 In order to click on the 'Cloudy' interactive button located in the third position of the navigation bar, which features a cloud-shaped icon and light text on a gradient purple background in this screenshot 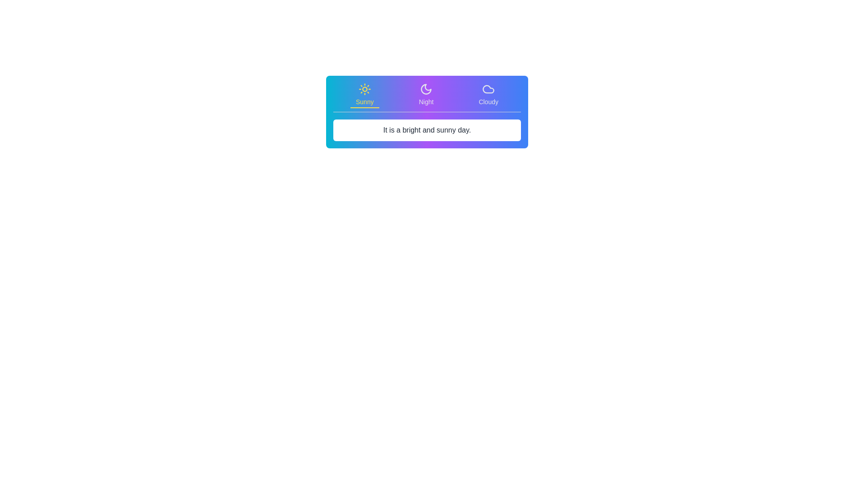, I will do `click(488, 94)`.